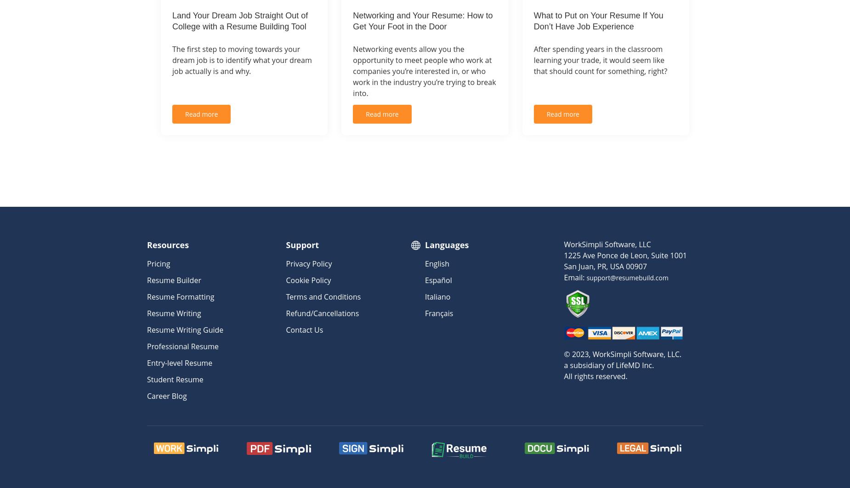 The image size is (850, 488). Describe the element at coordinates (285, 263) in the screenshot. I see `'Privacy Policy'` at that location.